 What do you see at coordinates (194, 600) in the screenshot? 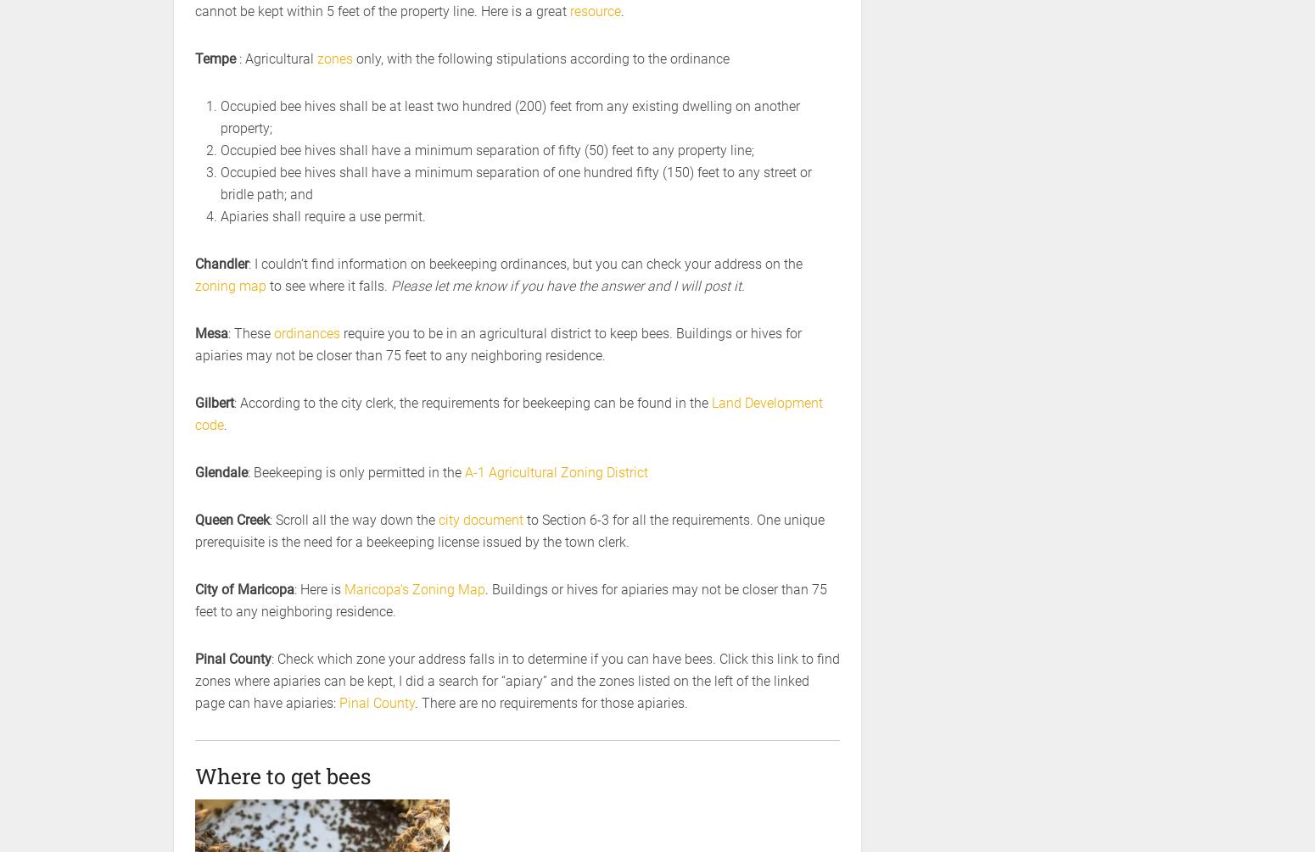
I see `'. Buildings or hives for apiaries may not be closer than 75 feet to any neighboring residence.'` at bounding box center [194, 600].